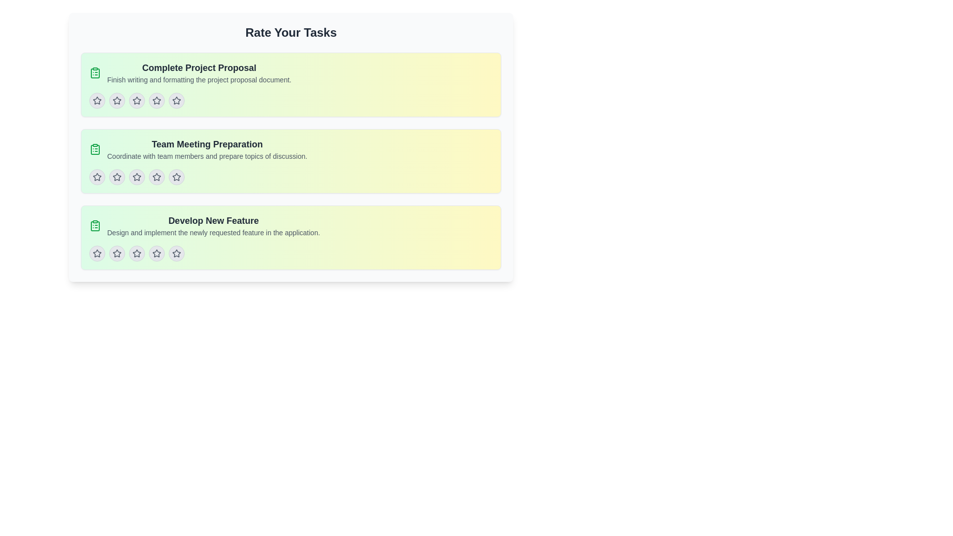 The image size is (953, 536). What do you see at coordinates (95, 149) in the screenshot?
I see `the green clipboard icon located to the left of the text 'Team Meeting Preparation', which is aligned within the task's row` at bounding box center [95, 149].